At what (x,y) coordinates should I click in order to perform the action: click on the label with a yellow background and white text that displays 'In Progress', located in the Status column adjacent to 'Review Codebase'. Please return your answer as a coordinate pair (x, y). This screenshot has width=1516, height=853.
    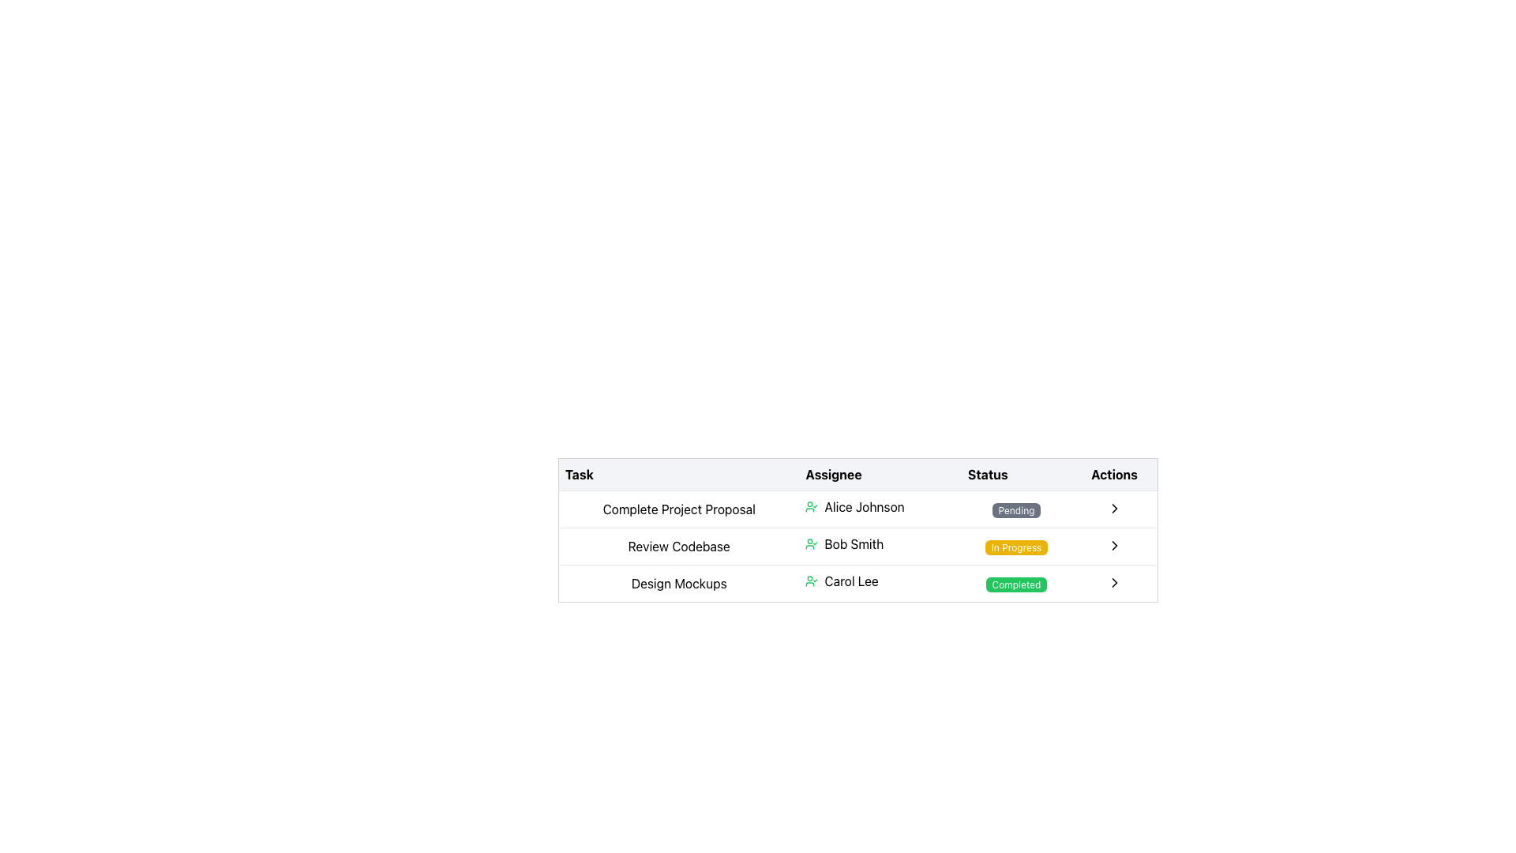
    Looking at the image, I should click on (1016, 547).